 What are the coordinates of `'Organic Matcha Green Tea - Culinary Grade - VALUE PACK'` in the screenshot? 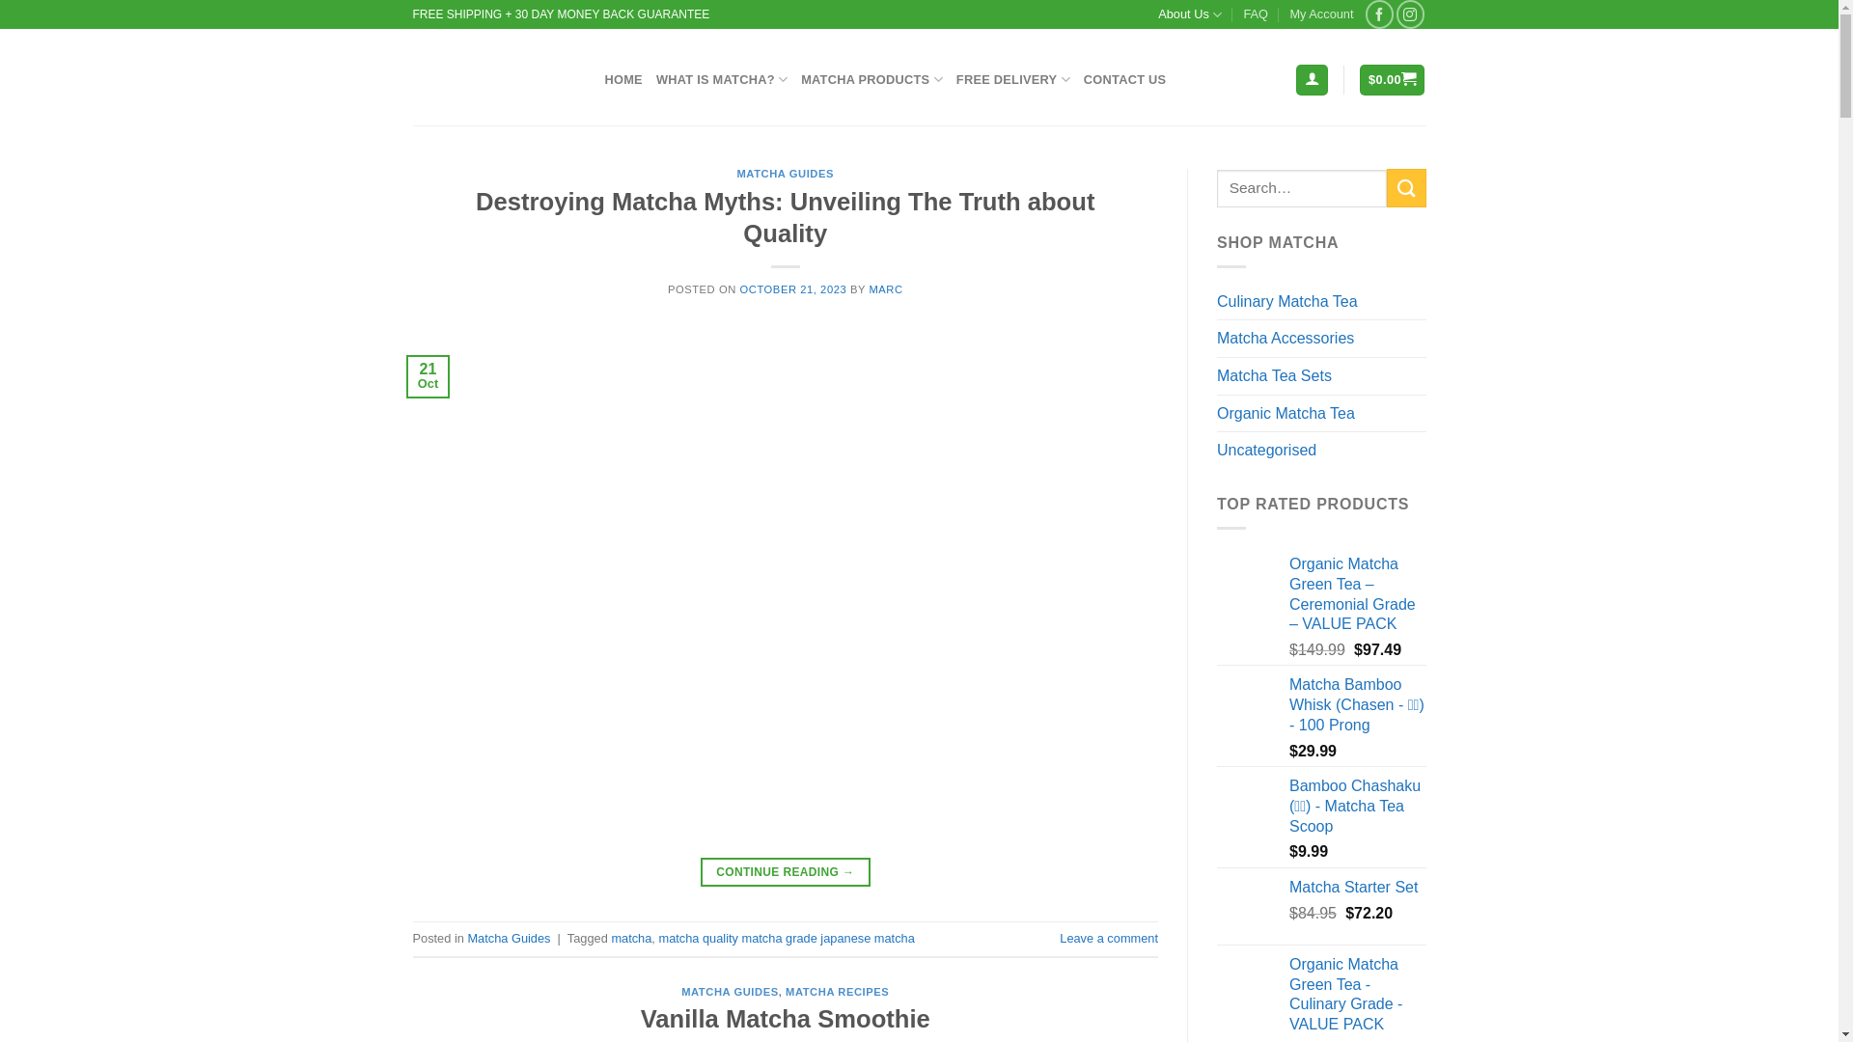 It's located at (1288, 995).